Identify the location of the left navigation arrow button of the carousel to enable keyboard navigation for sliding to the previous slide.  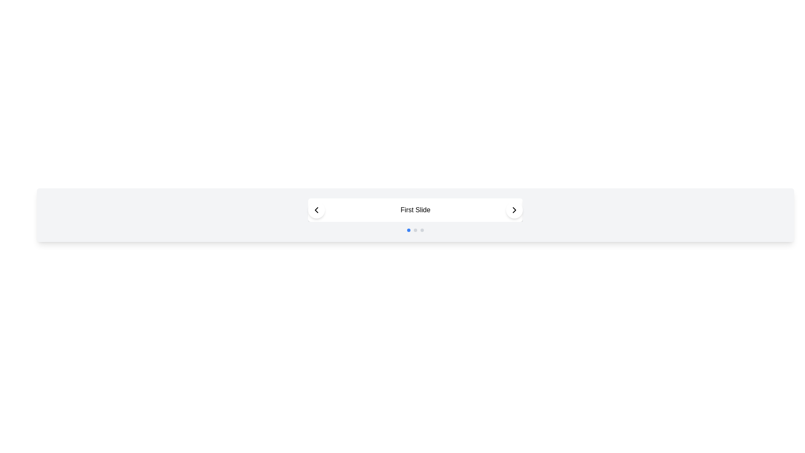
(316, 210).